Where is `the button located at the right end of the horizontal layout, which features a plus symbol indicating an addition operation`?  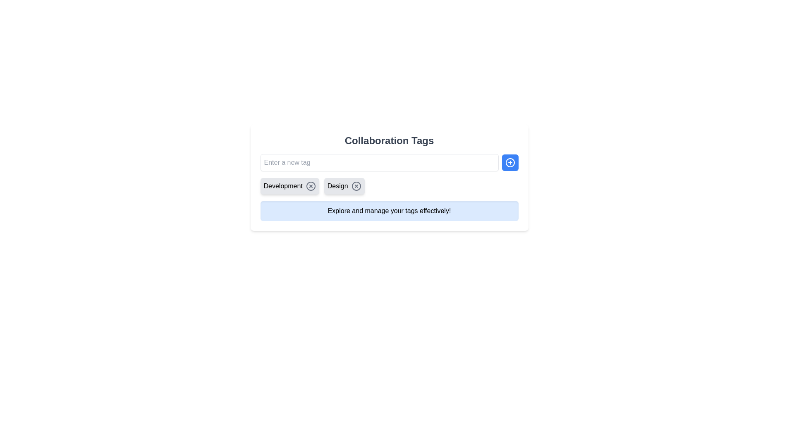 the button located at the right end of the horizontal layout, which features a plus symbol indicating an addition operation is located at coordinates (509, 162).